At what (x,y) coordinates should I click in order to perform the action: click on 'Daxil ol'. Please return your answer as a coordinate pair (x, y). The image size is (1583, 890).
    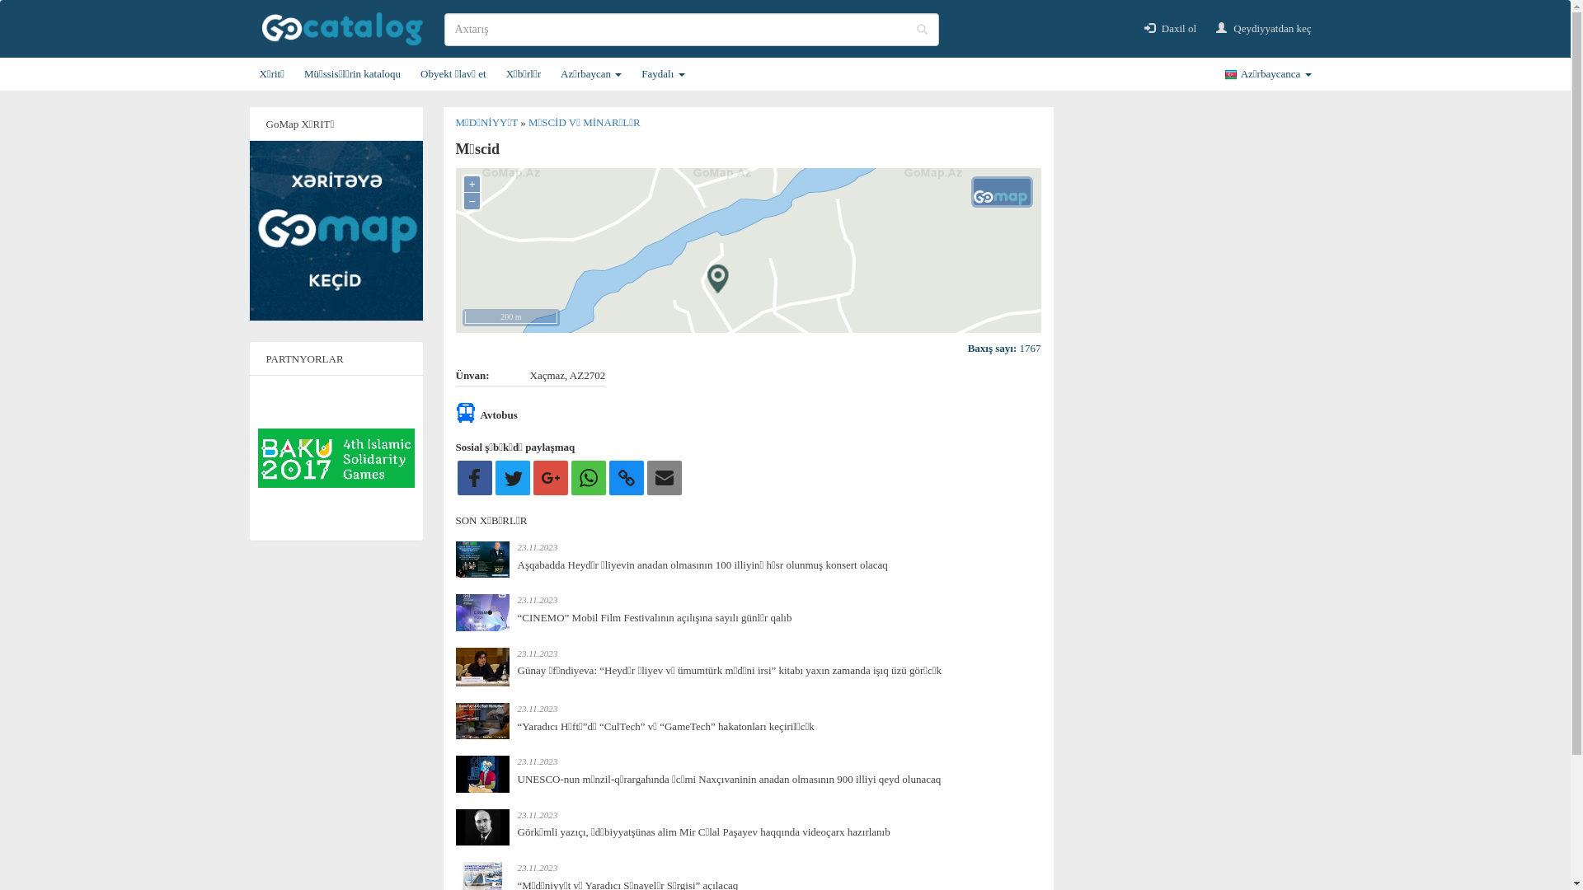
    Looking at the image, I should click on (1170, 28).